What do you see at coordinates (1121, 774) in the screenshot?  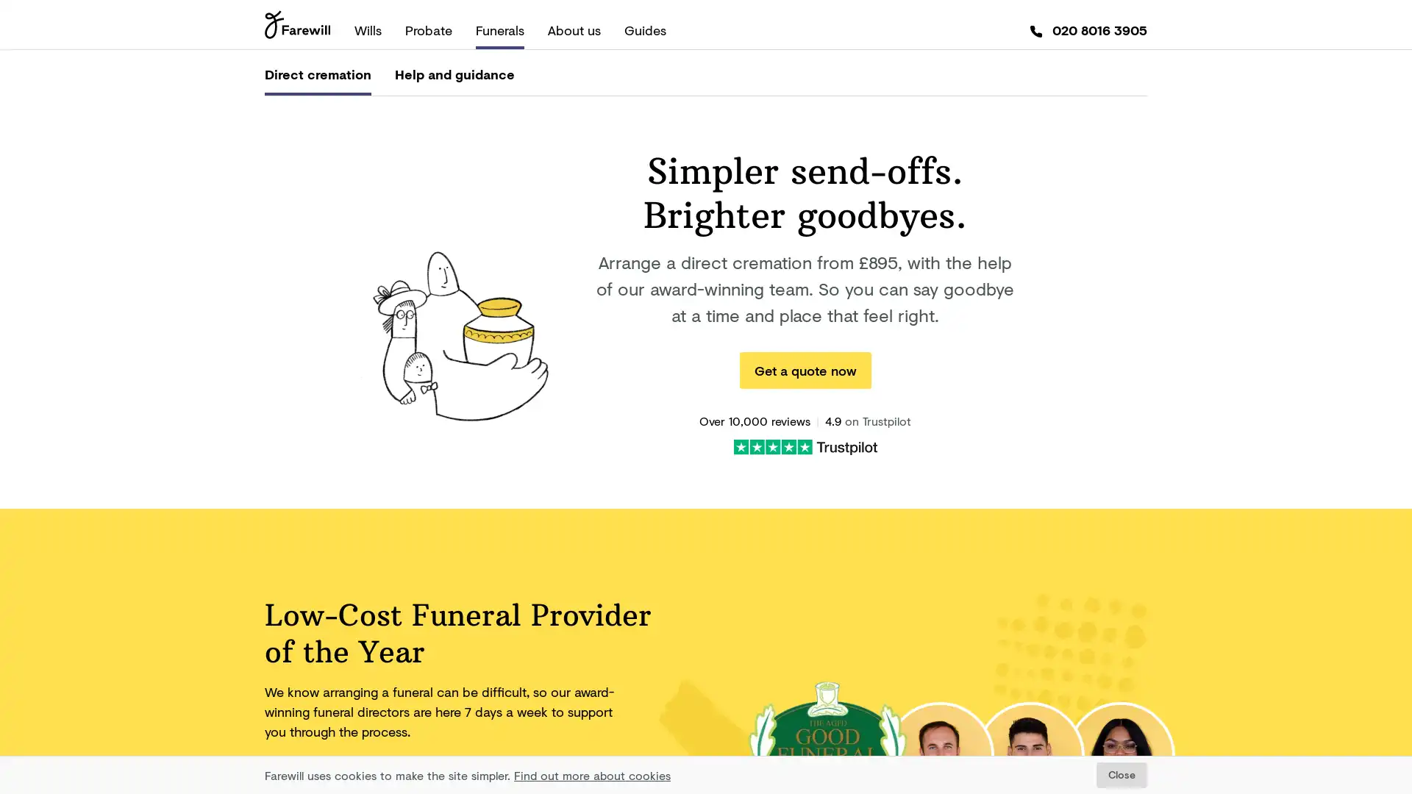 I see `Close cookie banner` at bounding box center [1121, 774].